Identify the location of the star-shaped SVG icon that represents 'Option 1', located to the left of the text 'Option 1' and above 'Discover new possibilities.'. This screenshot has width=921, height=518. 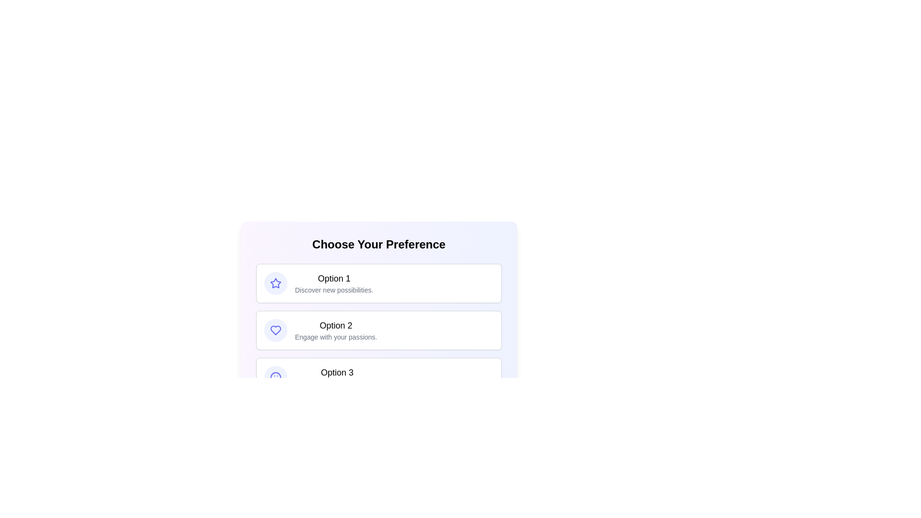
(275, 283).